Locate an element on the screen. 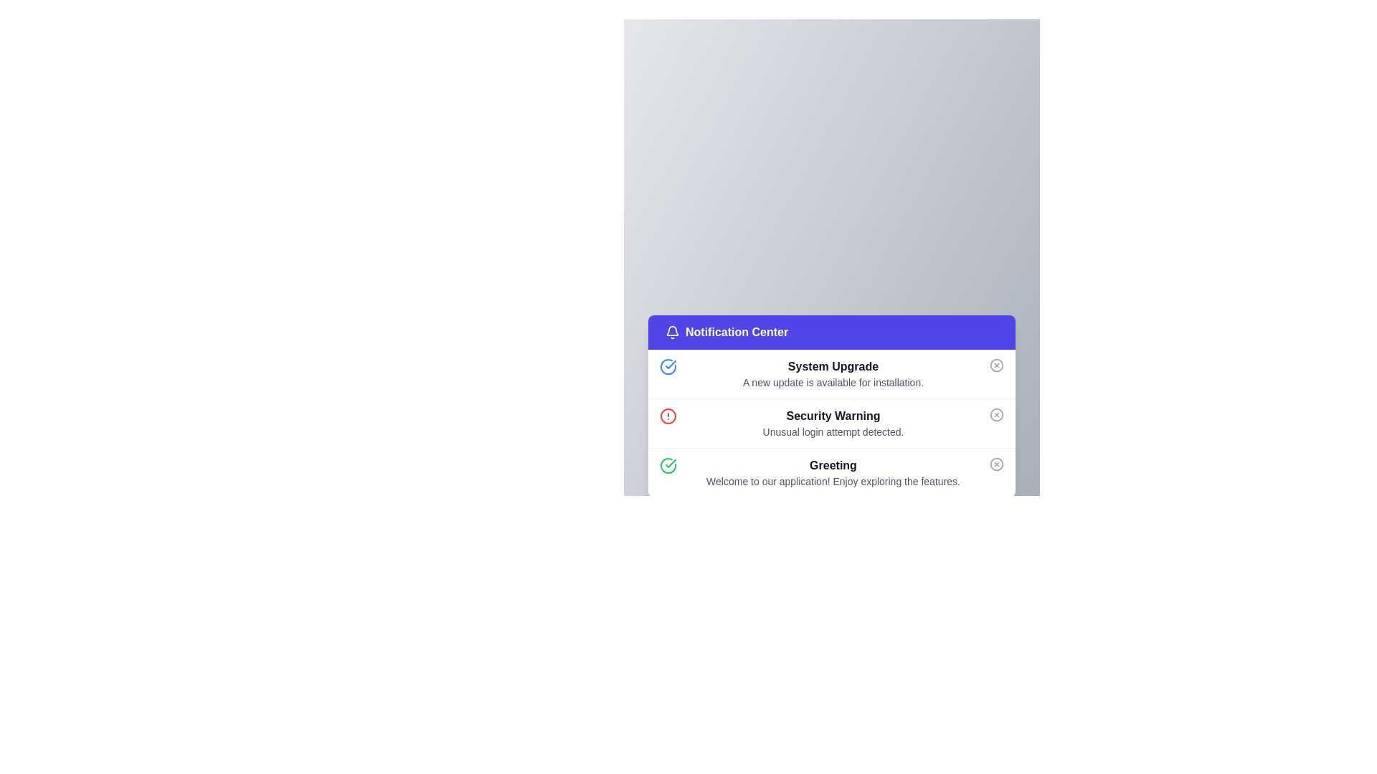 Image resolution: width=1377 pixels, height=774 pixels. the circular button with an 'x' mark, located at the far right of the 'Security Warning' notification is located at coordinates (996, 414).